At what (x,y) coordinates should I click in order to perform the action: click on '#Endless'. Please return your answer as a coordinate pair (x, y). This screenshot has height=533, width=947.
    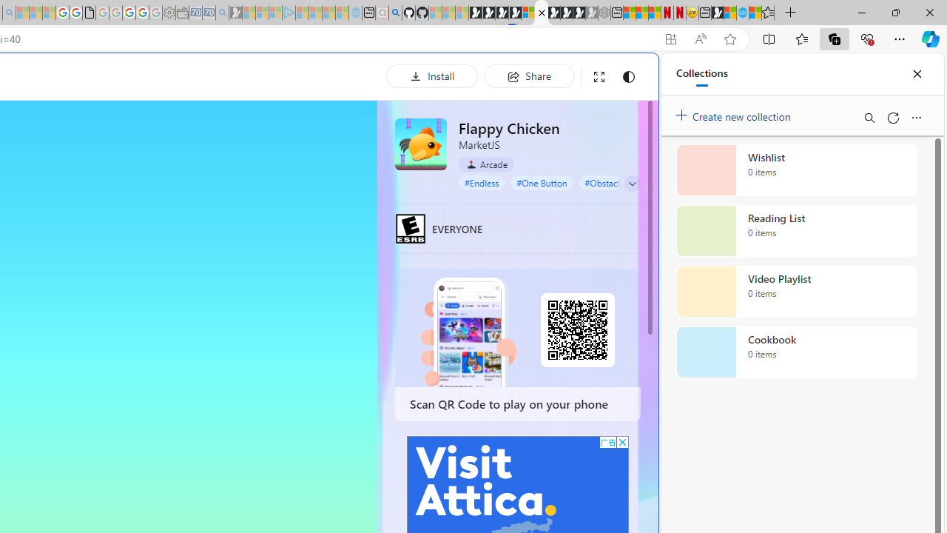
    Looking at the image, I should click on (482, 181).